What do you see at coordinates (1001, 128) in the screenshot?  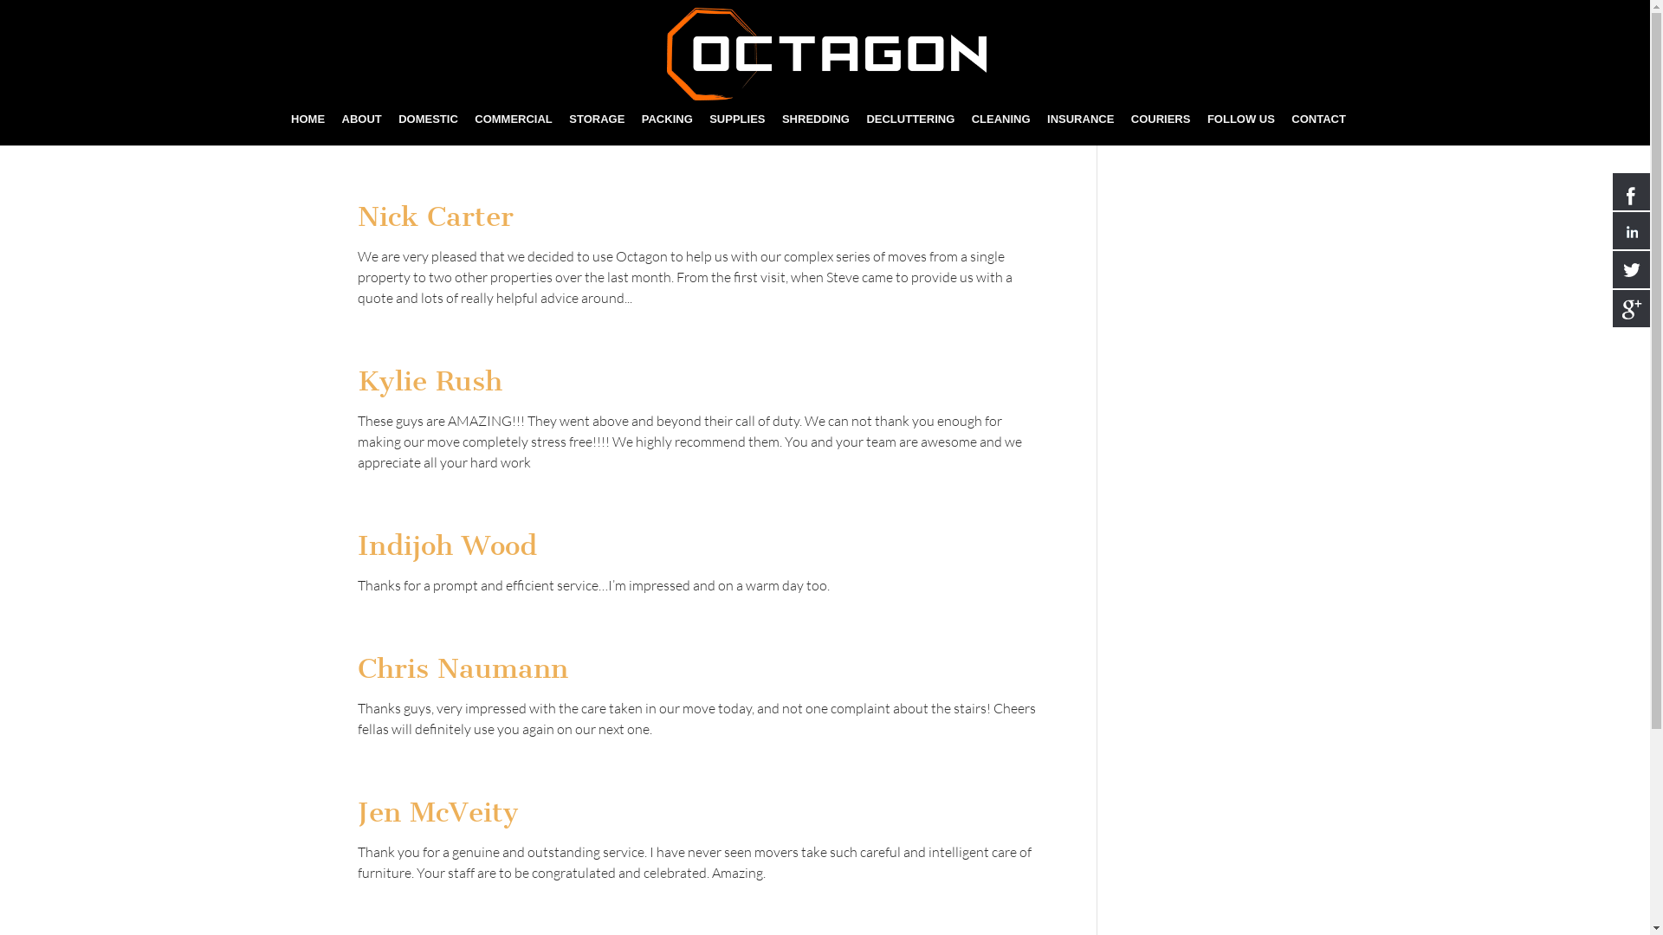 I see `'CLEANING'` at bounding box center [1001, 128].